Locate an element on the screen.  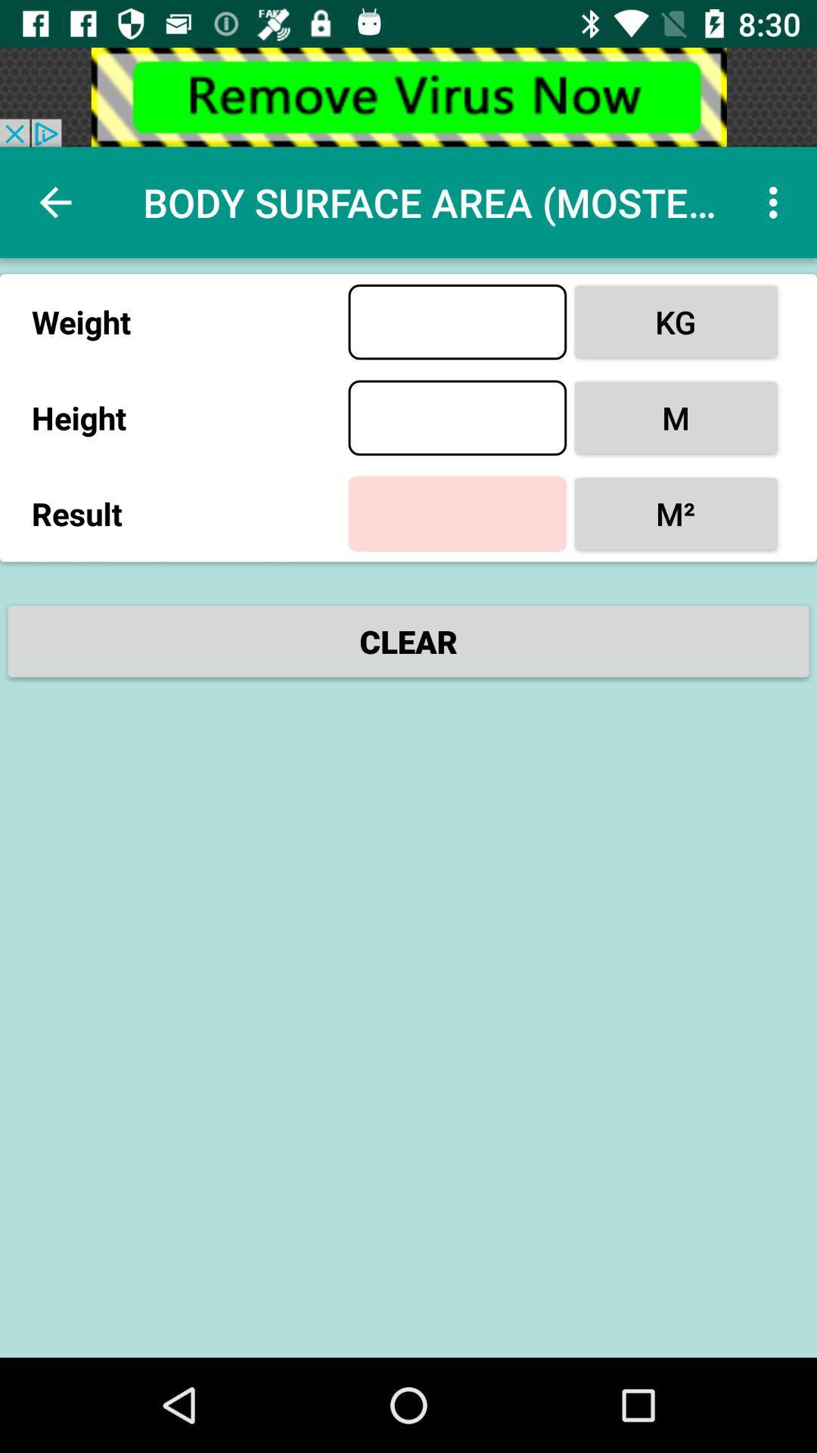
go weight option is located at coordinates (456, 321).